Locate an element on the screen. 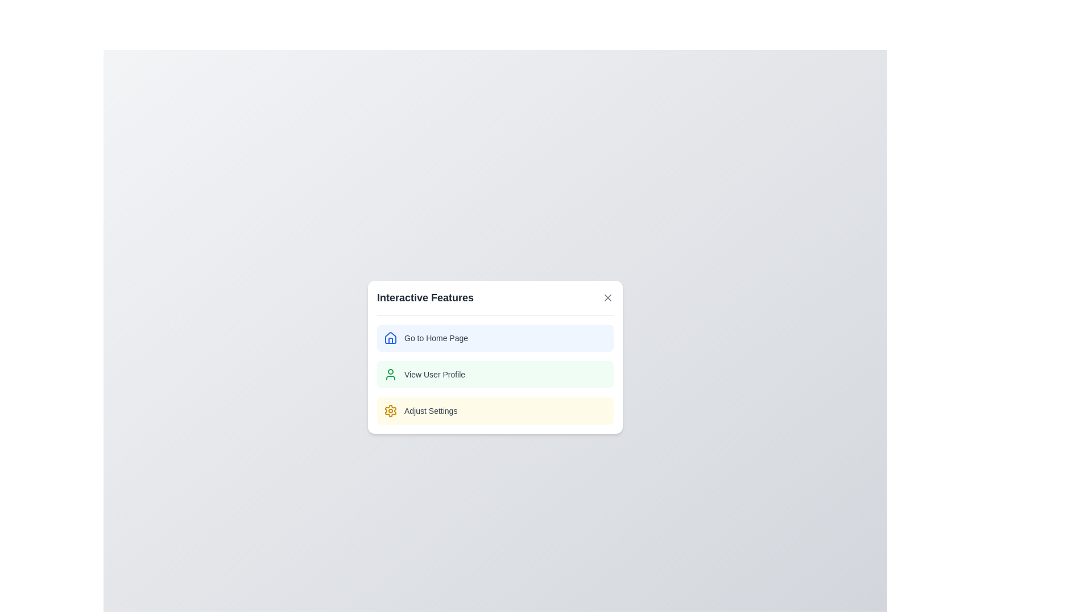 The height and width of the screenshot is (614, 1092). the gear icon located in the bottom section of the 'Interactive Features' menu, specifically the third item labeled 'Adjust Settings' is located at coordinates (390, 410).